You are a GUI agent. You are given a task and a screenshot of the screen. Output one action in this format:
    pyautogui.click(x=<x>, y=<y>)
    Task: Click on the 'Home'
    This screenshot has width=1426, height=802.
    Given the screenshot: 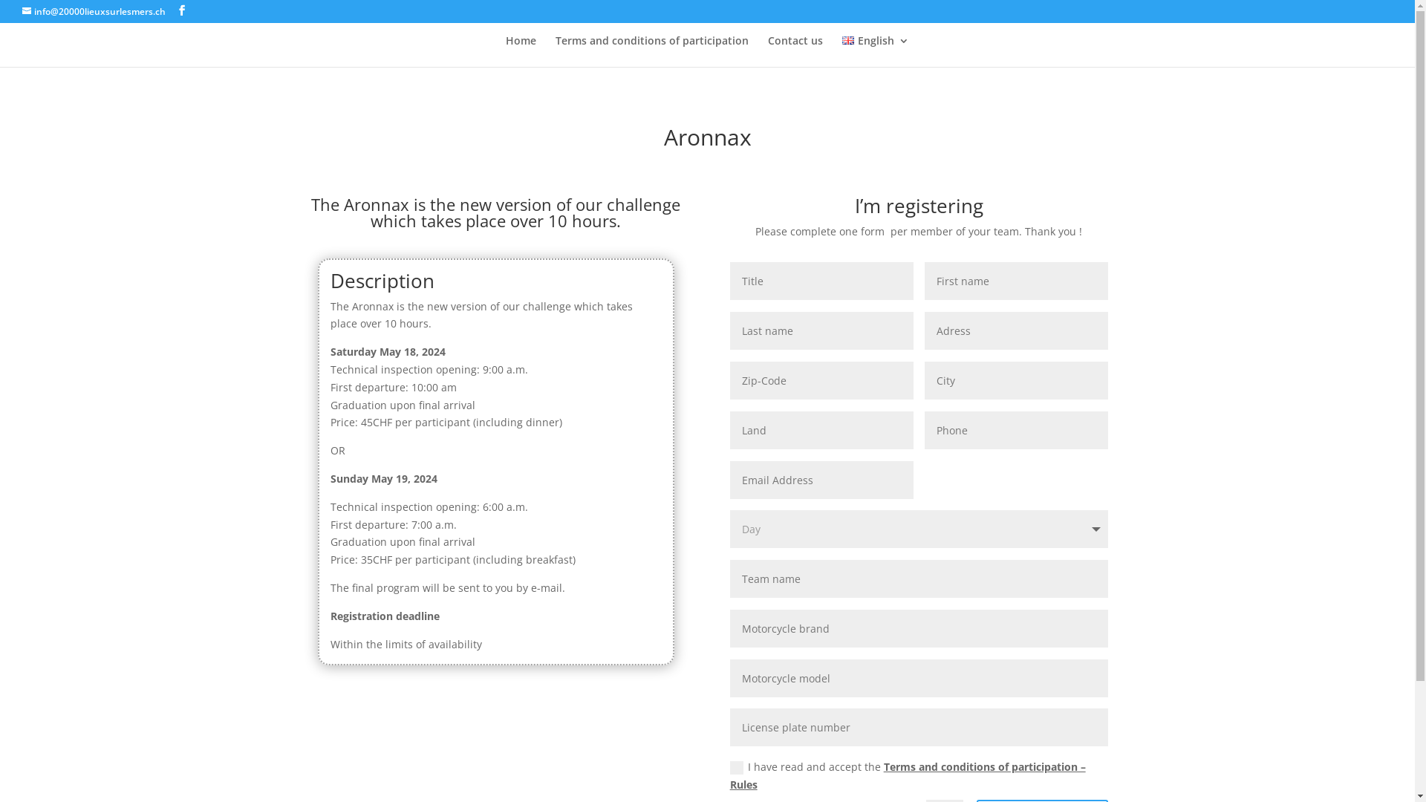 What is the action you would take?
    pyautogui.click(x=521, y=50)
    